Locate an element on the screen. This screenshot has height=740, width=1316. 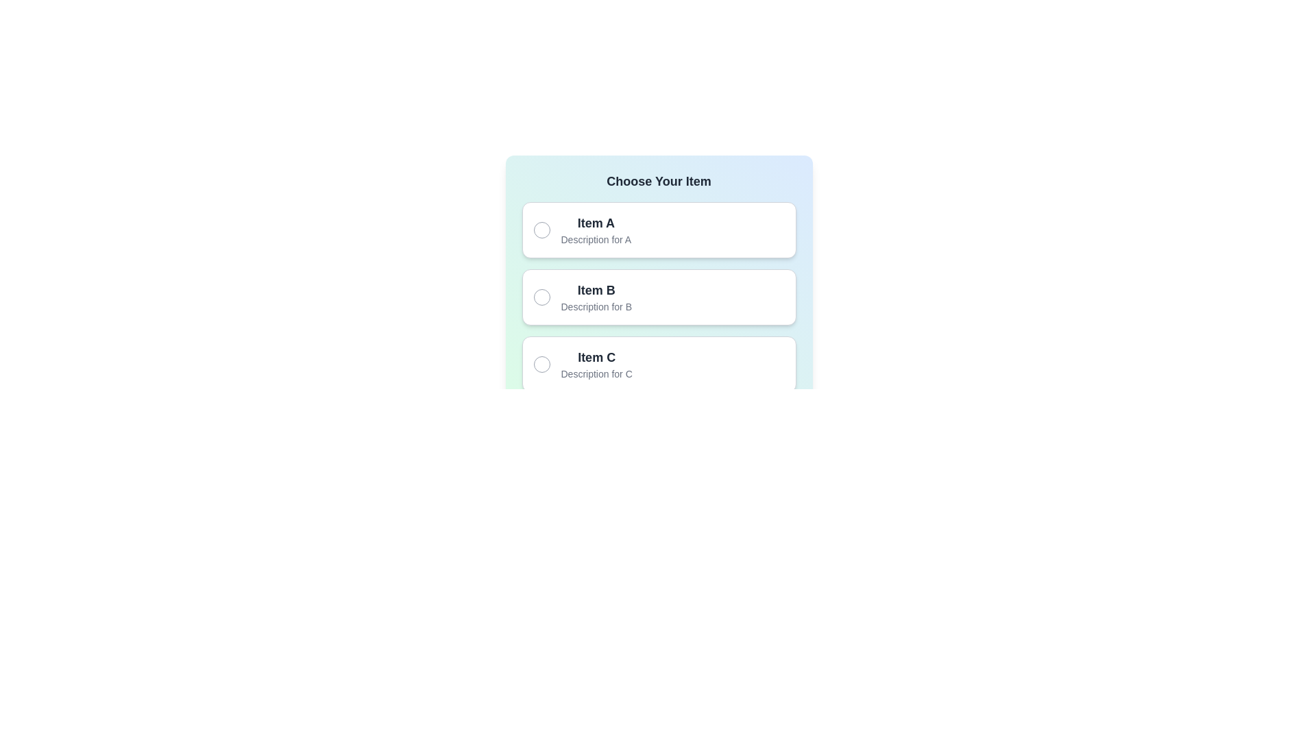
the circular radio button associated with 'Item B' is located at coordinates (541, 297).